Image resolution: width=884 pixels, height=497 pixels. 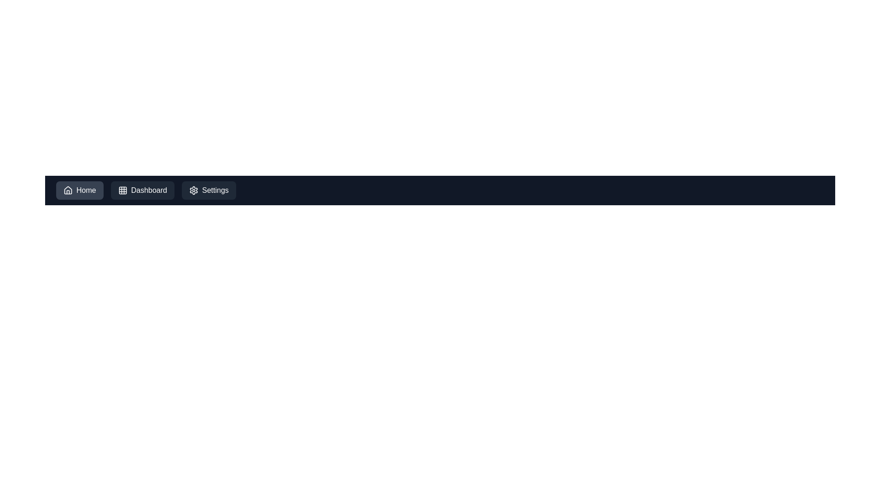 I want to click on the settings icon that resembles a mechanical gear, positioned to the left of the 'Settings' text label in the navigation bar, so click(x=193, y=190).